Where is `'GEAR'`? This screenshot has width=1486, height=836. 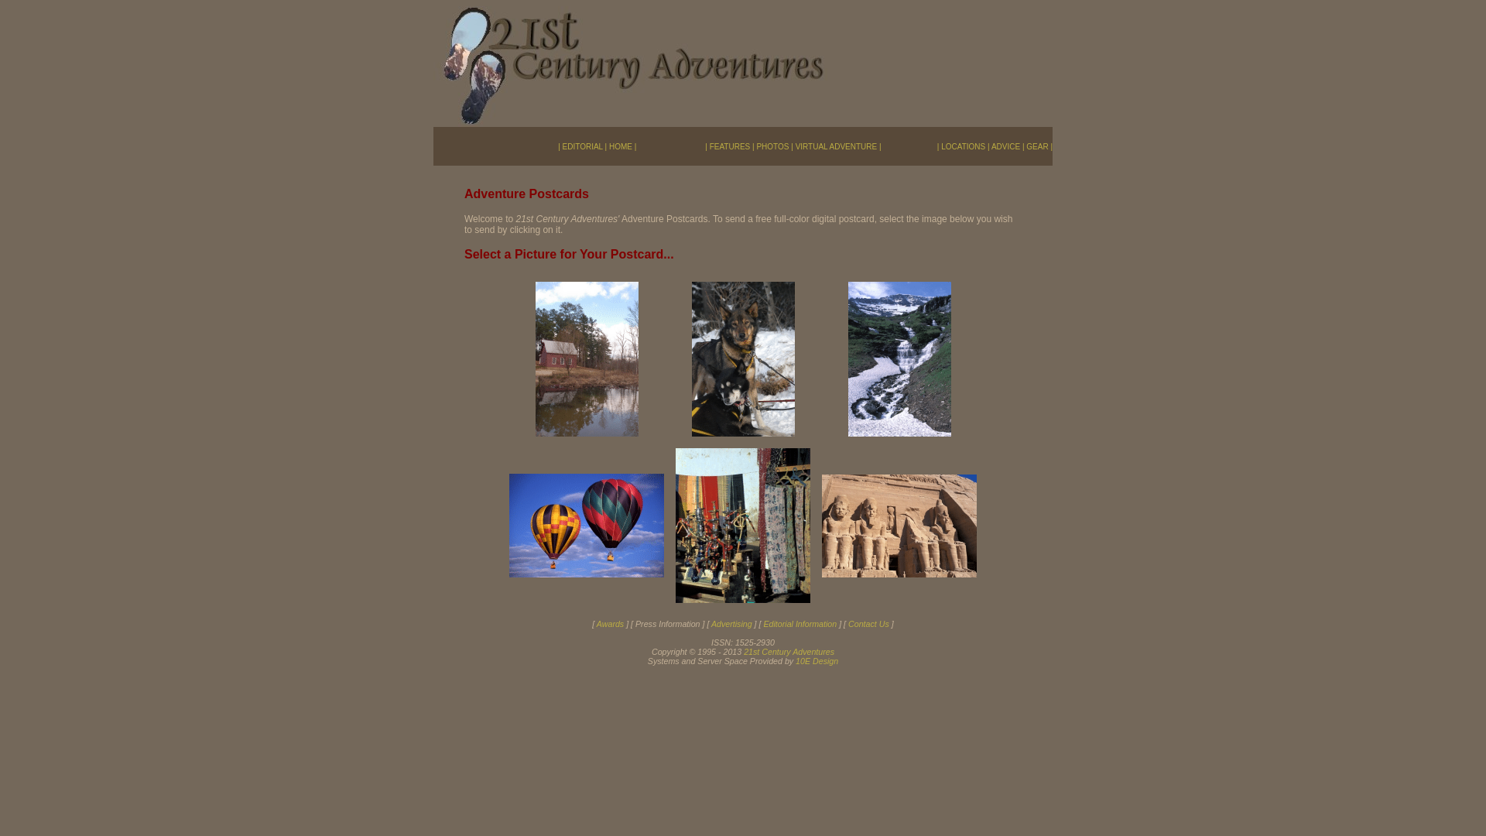
'GEAR' is located at coordinates (1025, 146).